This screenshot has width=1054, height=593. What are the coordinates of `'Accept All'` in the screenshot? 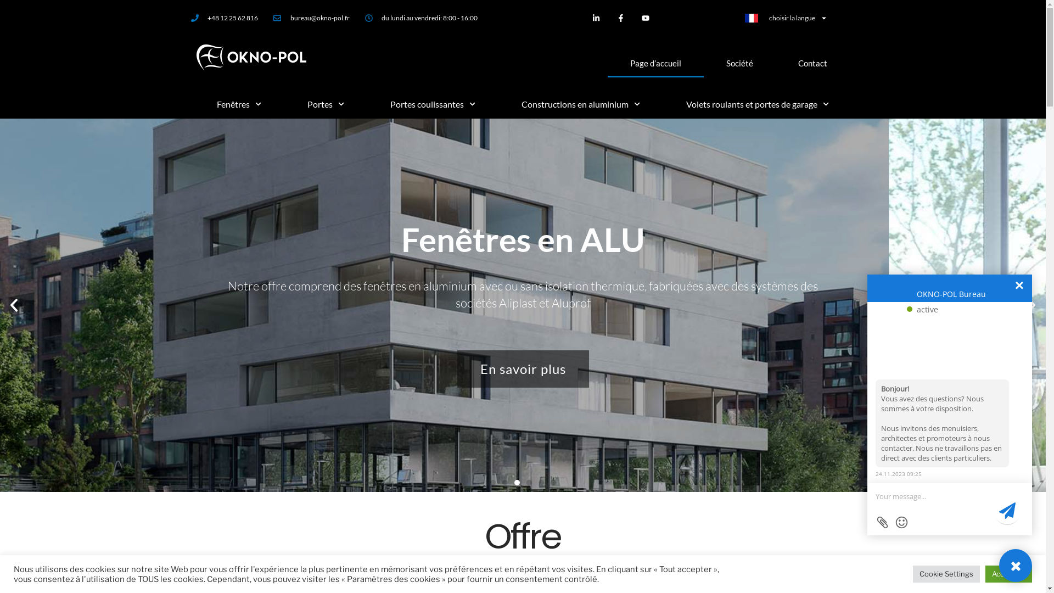 It's located at (1008, 573).